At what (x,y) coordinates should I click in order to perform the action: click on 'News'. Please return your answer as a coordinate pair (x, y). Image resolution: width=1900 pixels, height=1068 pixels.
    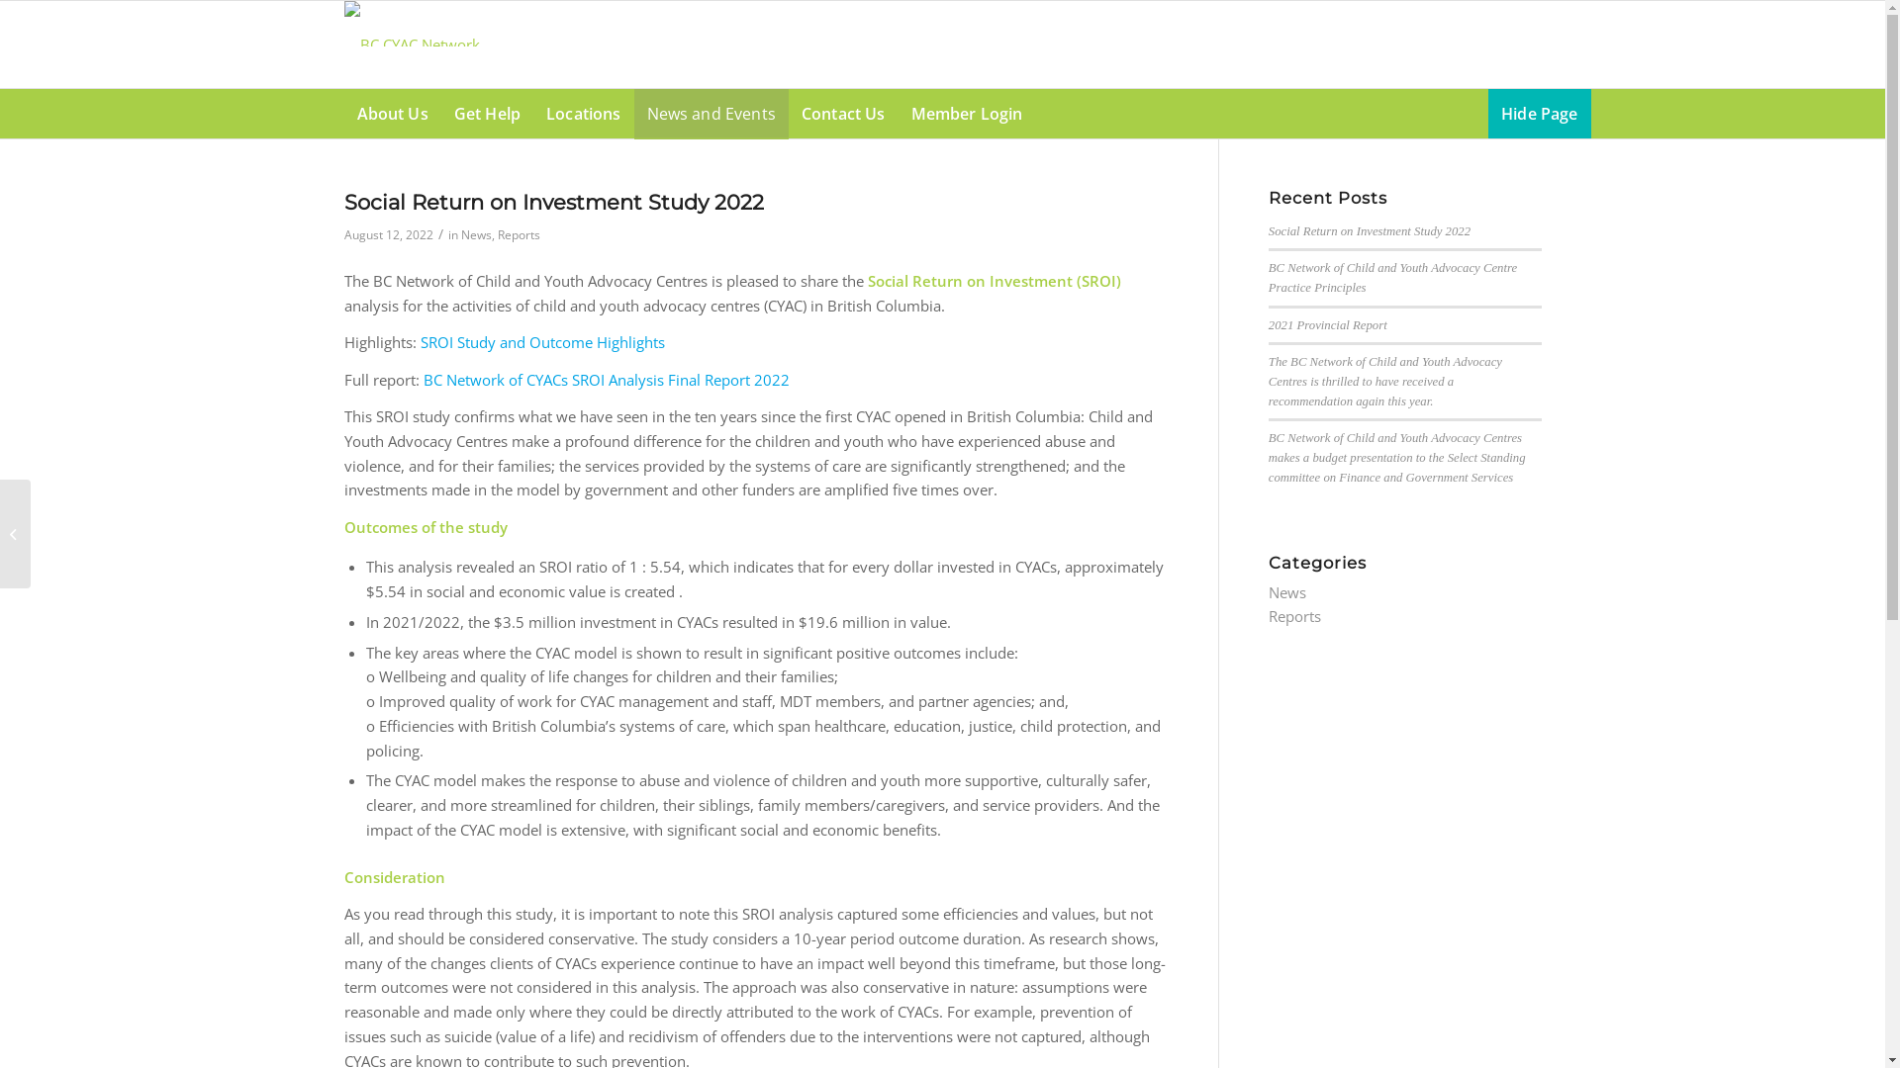
    Looking at the image, I should click on (476, 233).